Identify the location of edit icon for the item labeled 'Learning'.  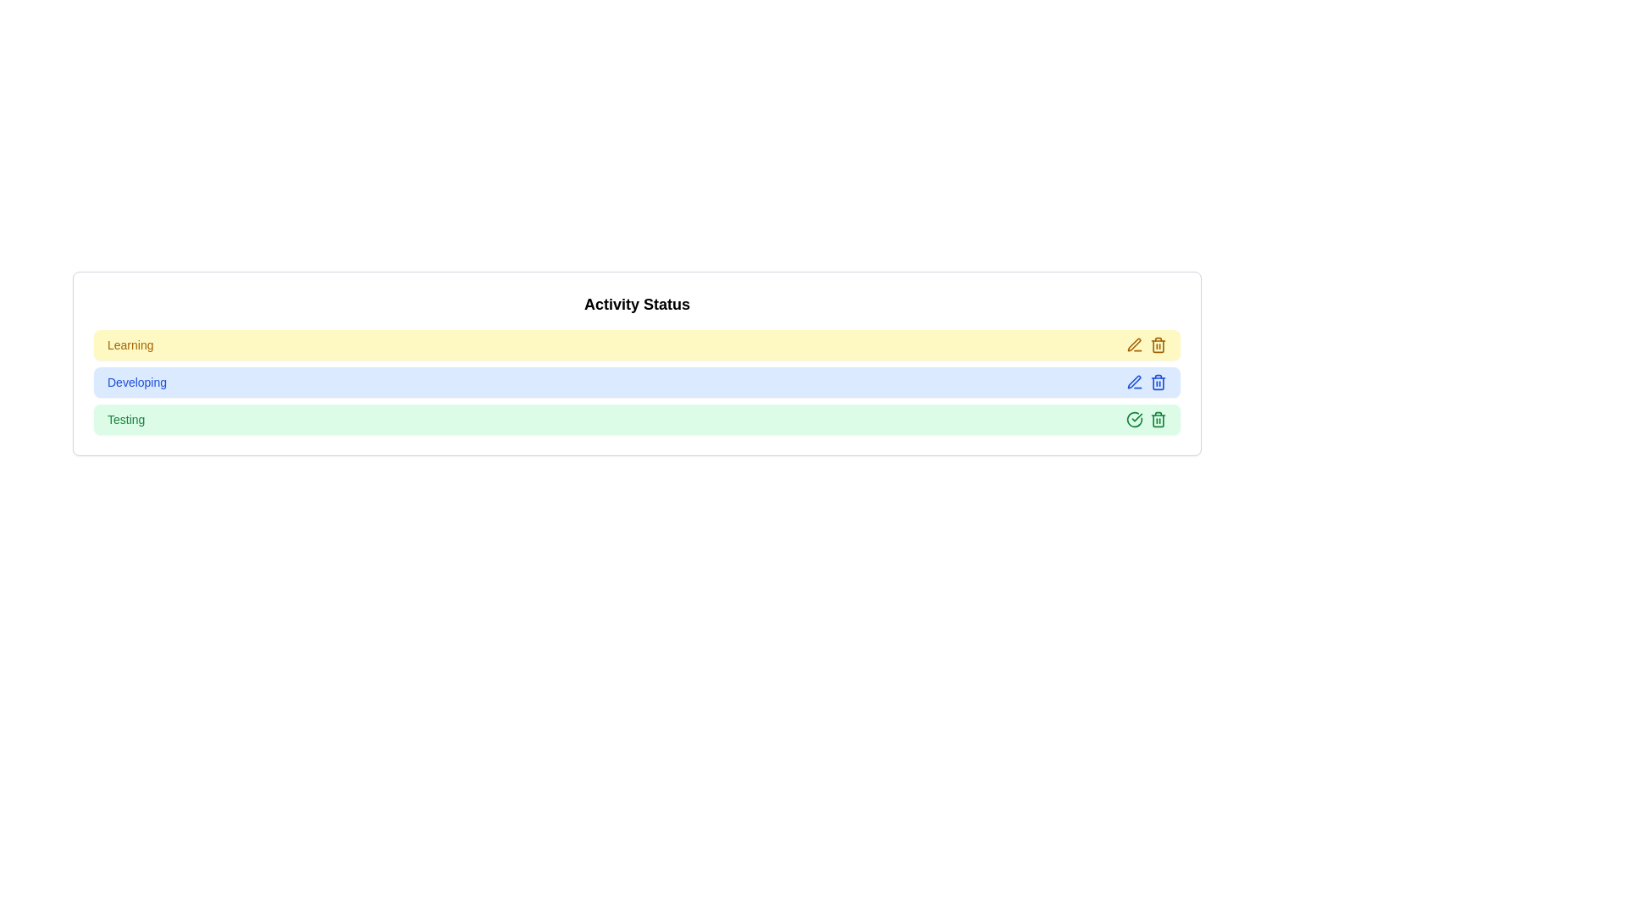
(1134, 344).